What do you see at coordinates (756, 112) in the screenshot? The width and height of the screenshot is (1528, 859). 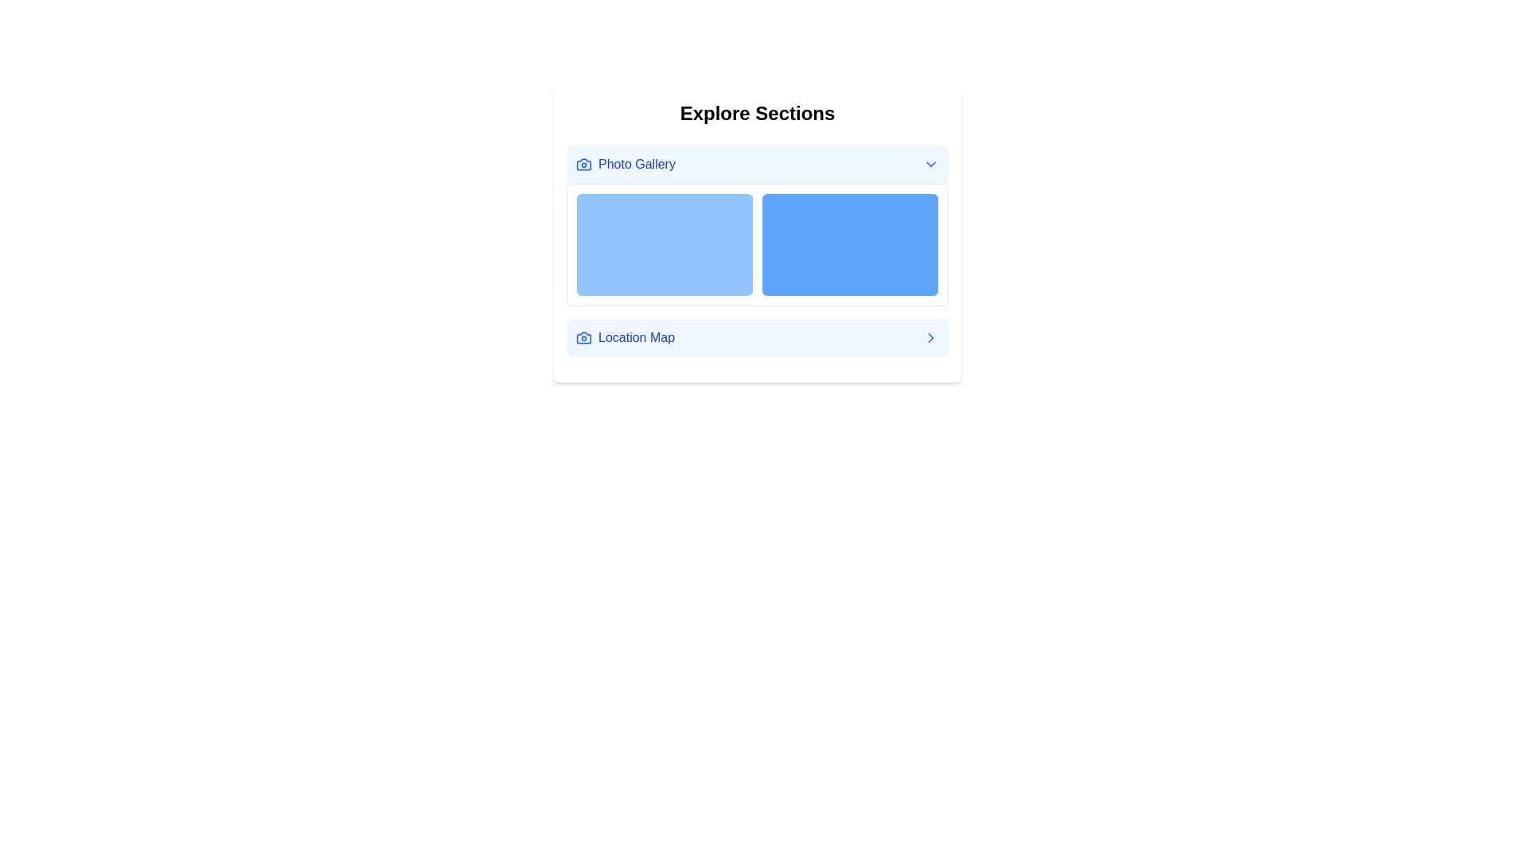 I see `the 'Explore Sections' text label` at bounding box center [756, 112].